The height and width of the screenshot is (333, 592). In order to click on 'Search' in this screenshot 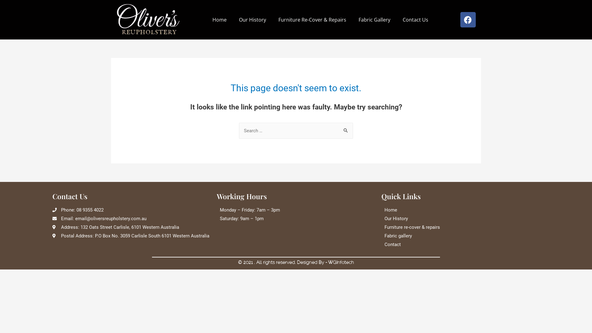, I will do `click(339, 130)`.